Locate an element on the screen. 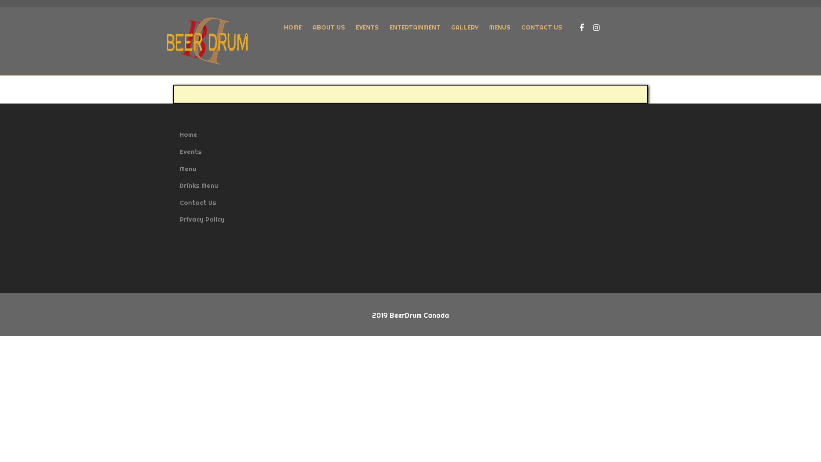 The height and width of the screenshot is (462, 821). 'Drinks Menu' is located at coordinates (198, 185).